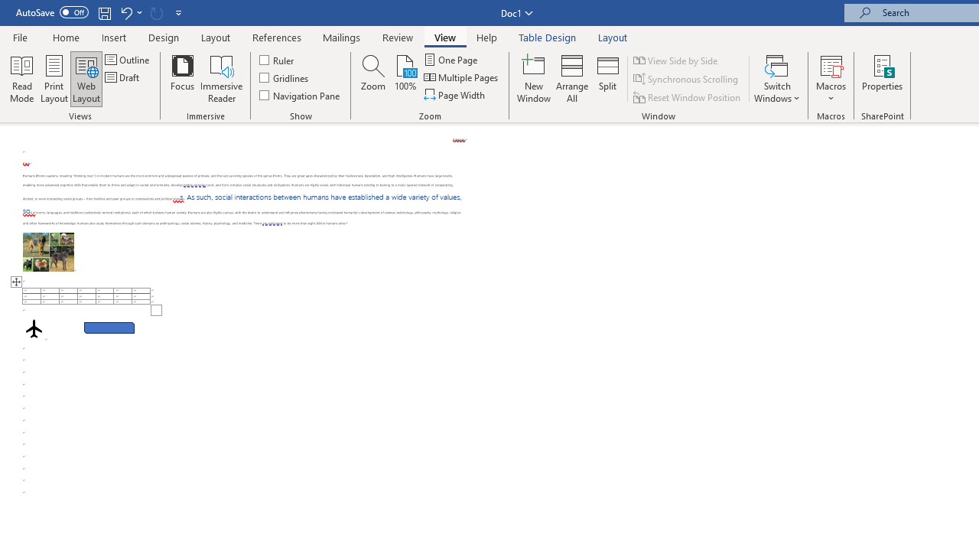 This screenshot has width=979, height=551. What do you see at coordinates (688, 97) in the screenshot?
I see `'Reset Window Position'` at bounding box center [688, 97].